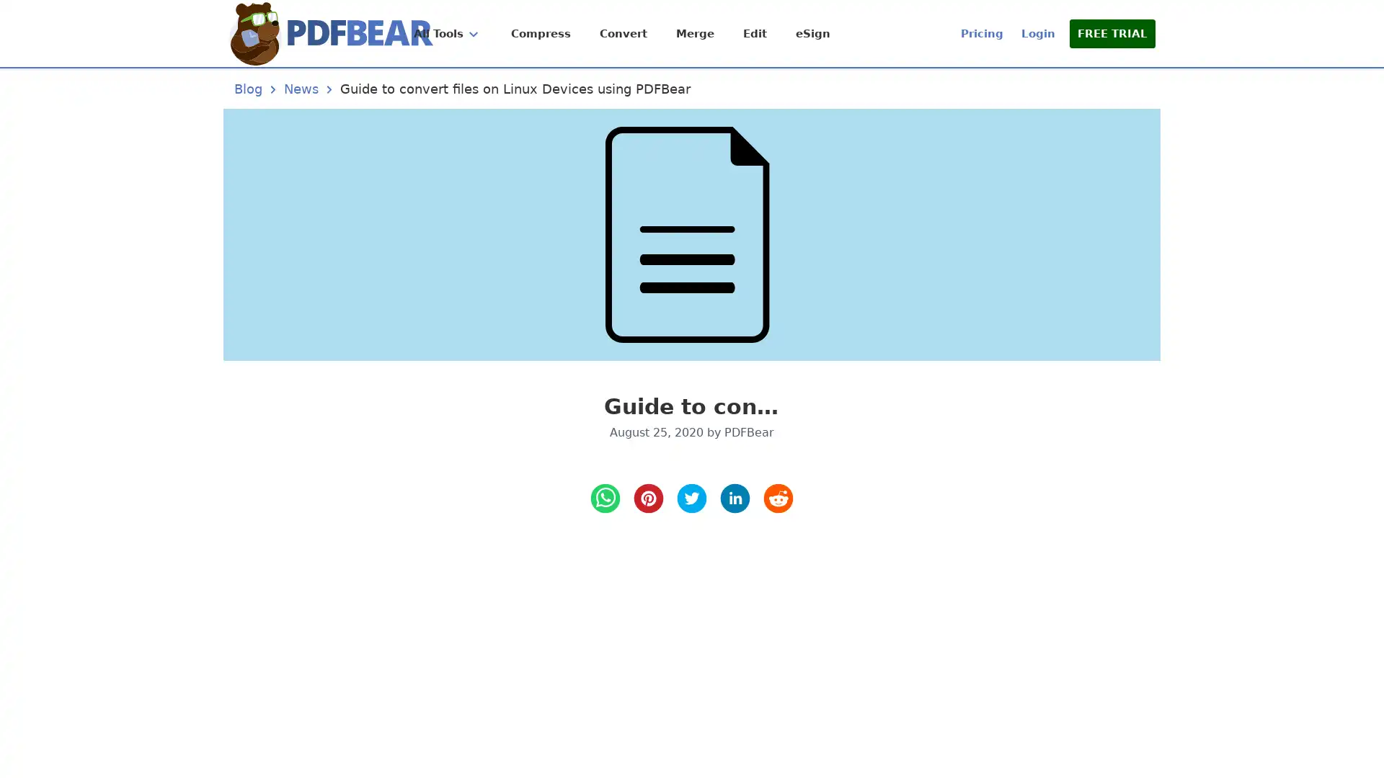 The height and width of the screenshot is (778, 1384). I want to click on Pricing, so click(980, 32).